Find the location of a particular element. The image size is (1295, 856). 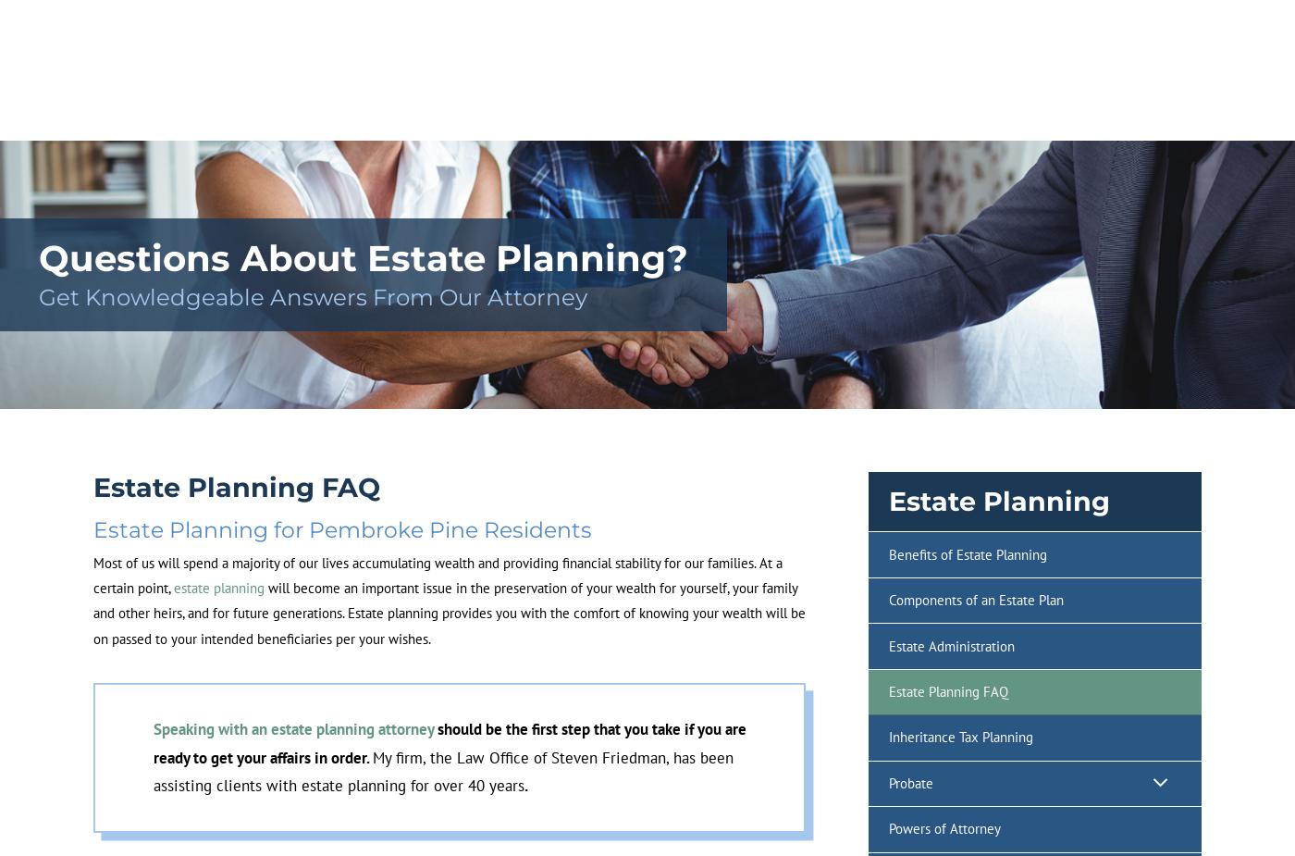

'Components of an Estate Plan' is located at coordinates (976, 600).